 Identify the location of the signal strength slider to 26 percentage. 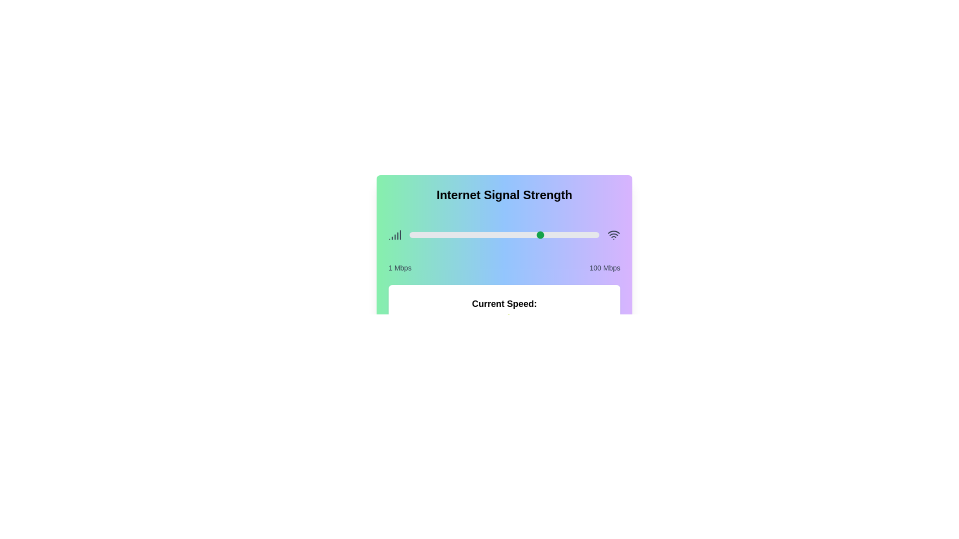
(458, 235).